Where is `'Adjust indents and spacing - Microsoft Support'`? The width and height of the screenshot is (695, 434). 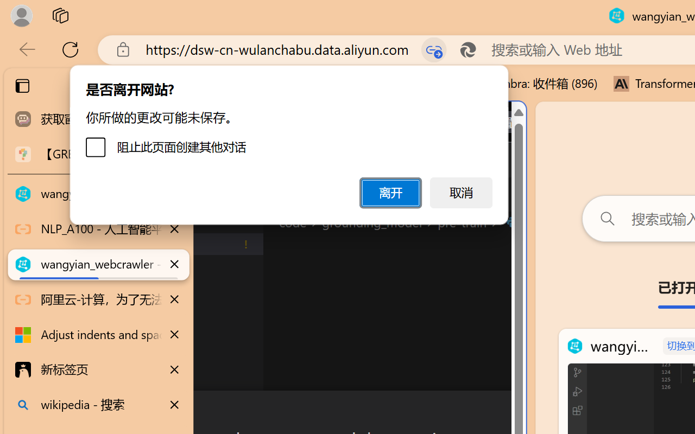 'Adjust indents and spacing - Microsoft Support' is located at coordinates (98, 335).